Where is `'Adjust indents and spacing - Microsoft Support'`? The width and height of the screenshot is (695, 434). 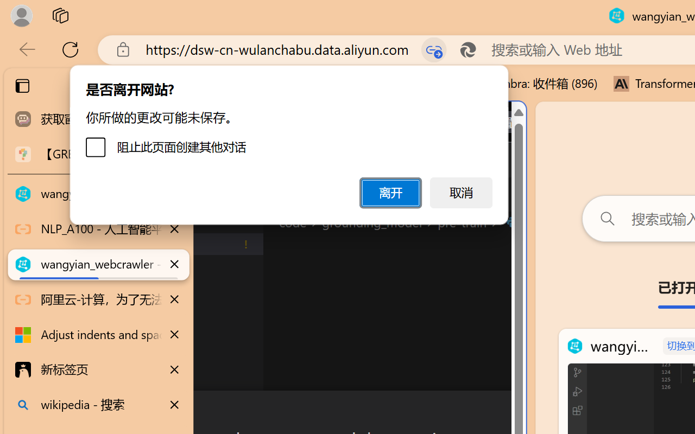 'Adjust indents and spacing - Microsoft Support' is located at coordinates (98, 335).